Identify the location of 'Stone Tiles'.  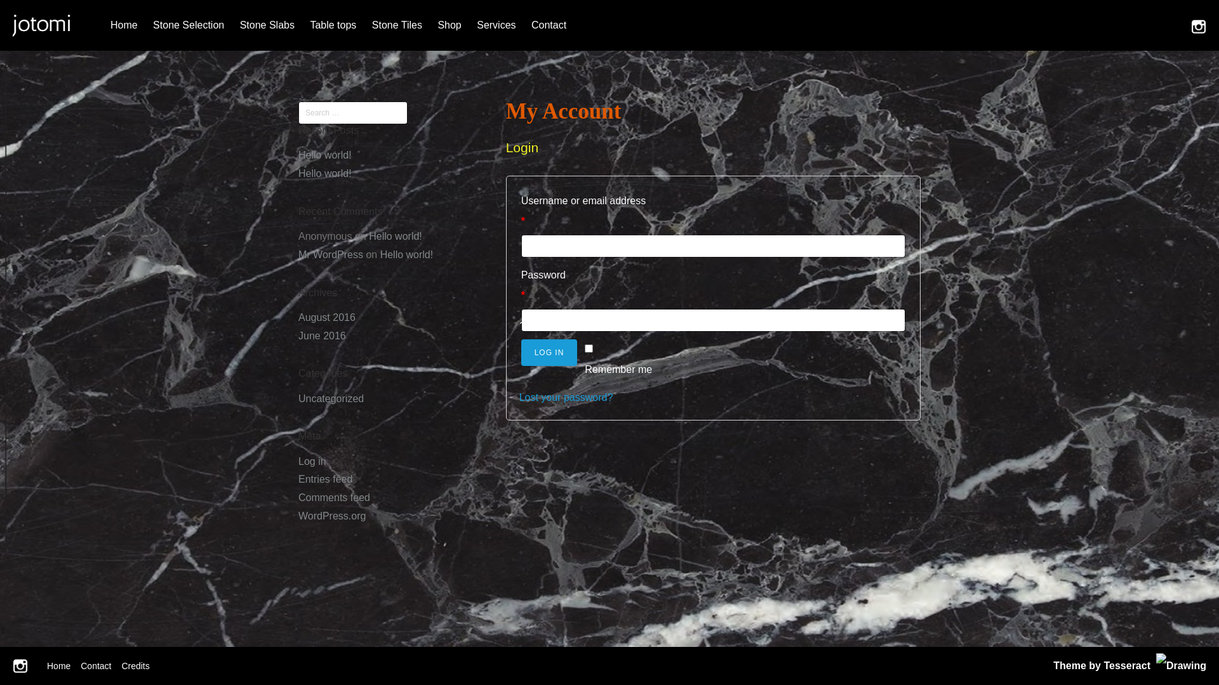
(396, 25).